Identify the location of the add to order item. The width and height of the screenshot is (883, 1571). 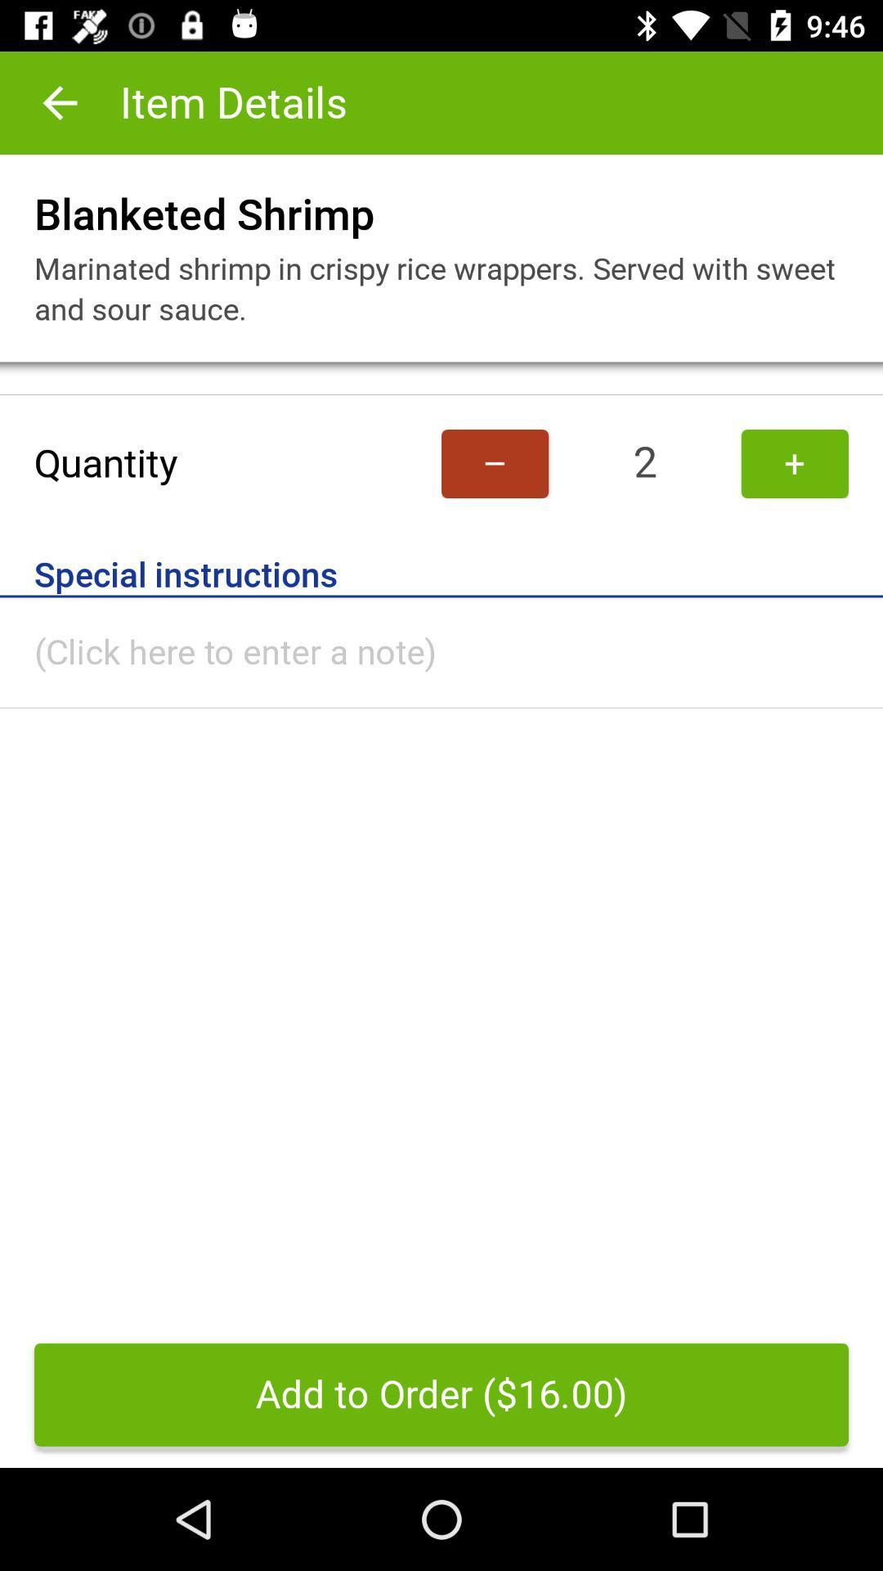
(441, 1393).